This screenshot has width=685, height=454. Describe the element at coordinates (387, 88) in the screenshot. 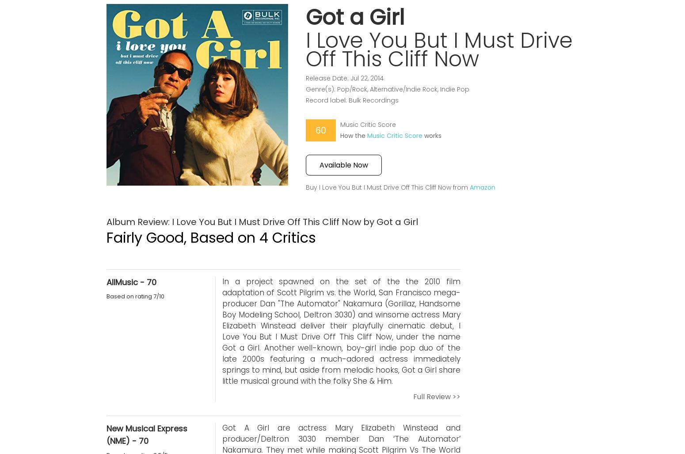

I see `'Genre(s): Pop/Rock, Alternative/Indie Rock, Indie Pop'` at that location.